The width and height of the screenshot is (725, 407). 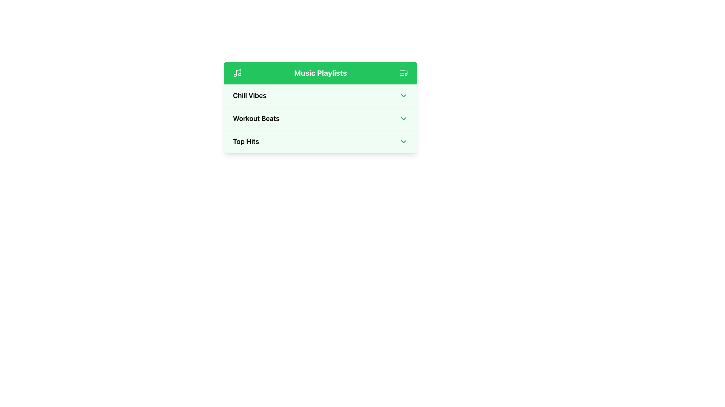 I want to click on text label displaying 'Top Hits', which is styled with a bold font and located in the bottom row of a playlist card, positioned left of a chevron icon, so click(x=246, y=141).